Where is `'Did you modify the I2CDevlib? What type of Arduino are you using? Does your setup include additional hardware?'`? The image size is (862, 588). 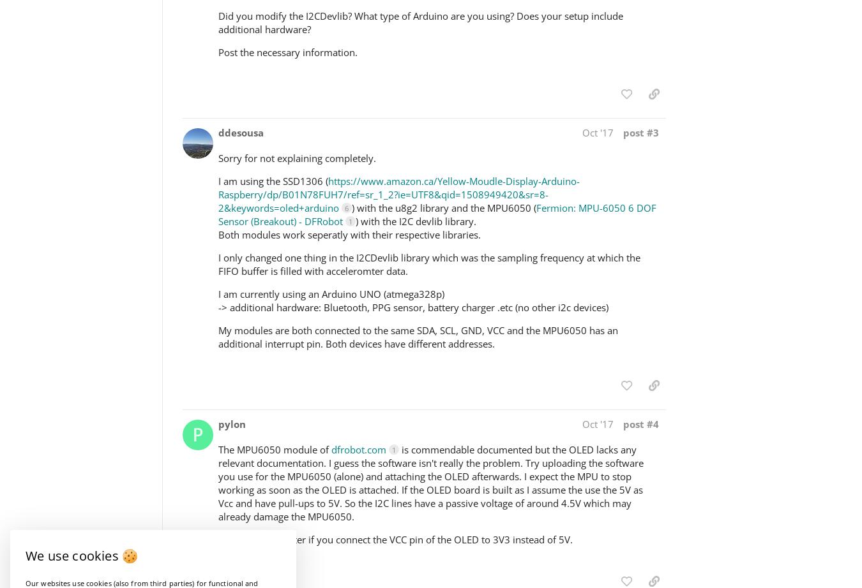 'Did you modify the I2CDevlib? What type of Arduino are you using? Does your setup include additional hardware?' is located at coordinates (420, 22).